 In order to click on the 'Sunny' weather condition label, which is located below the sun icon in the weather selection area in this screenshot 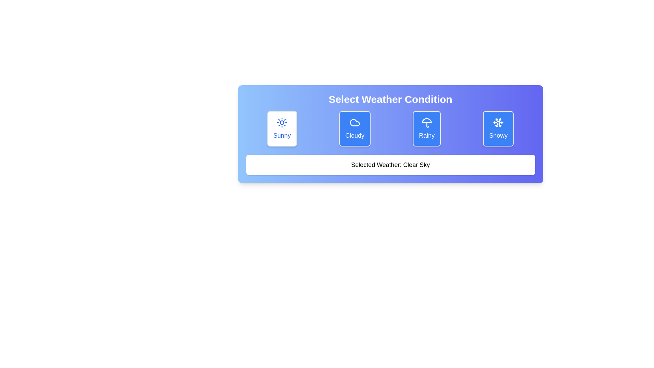, I will do `click(282, 135)`.